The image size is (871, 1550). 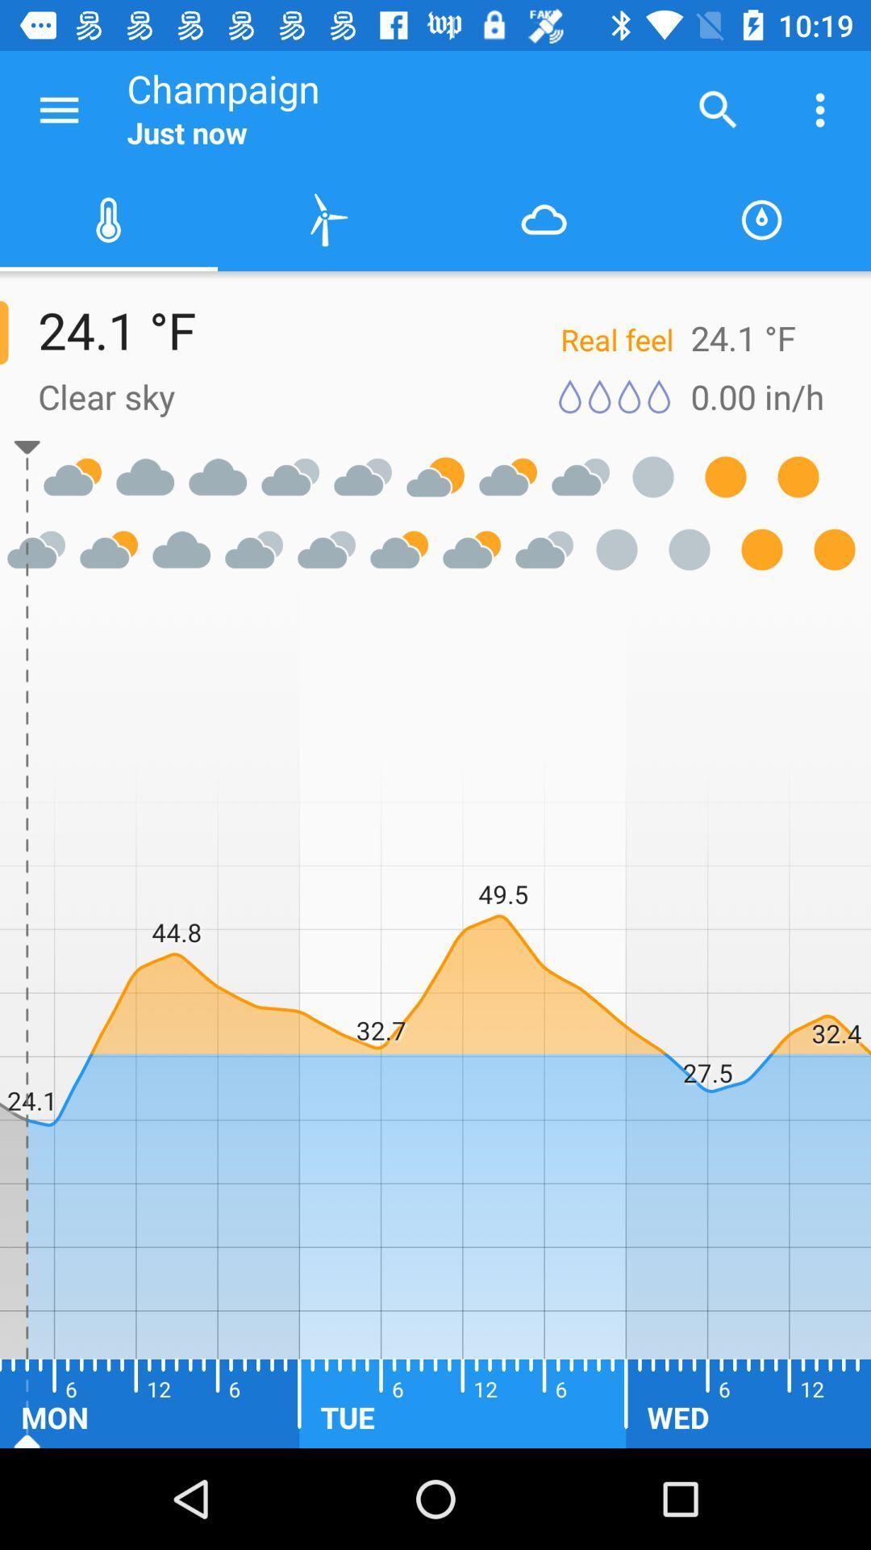 I want to click on icon to the left of the champaign item, so click(x=58, y=109).